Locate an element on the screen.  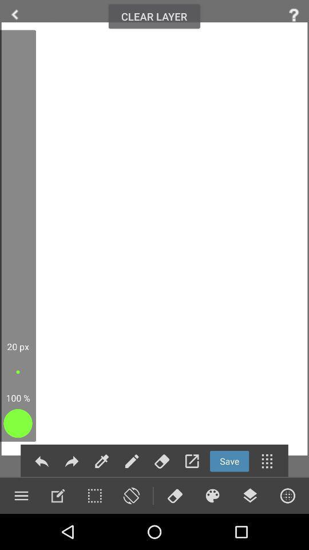
circle is located at coordinates (287, 495).